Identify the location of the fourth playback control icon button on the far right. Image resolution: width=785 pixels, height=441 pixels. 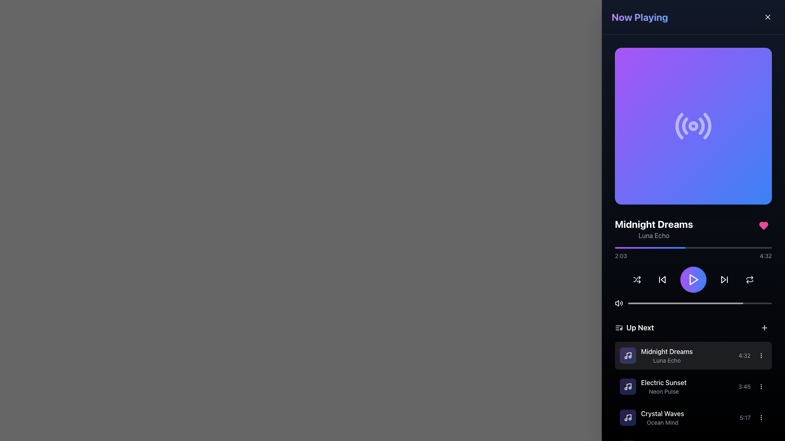
(749, 280).